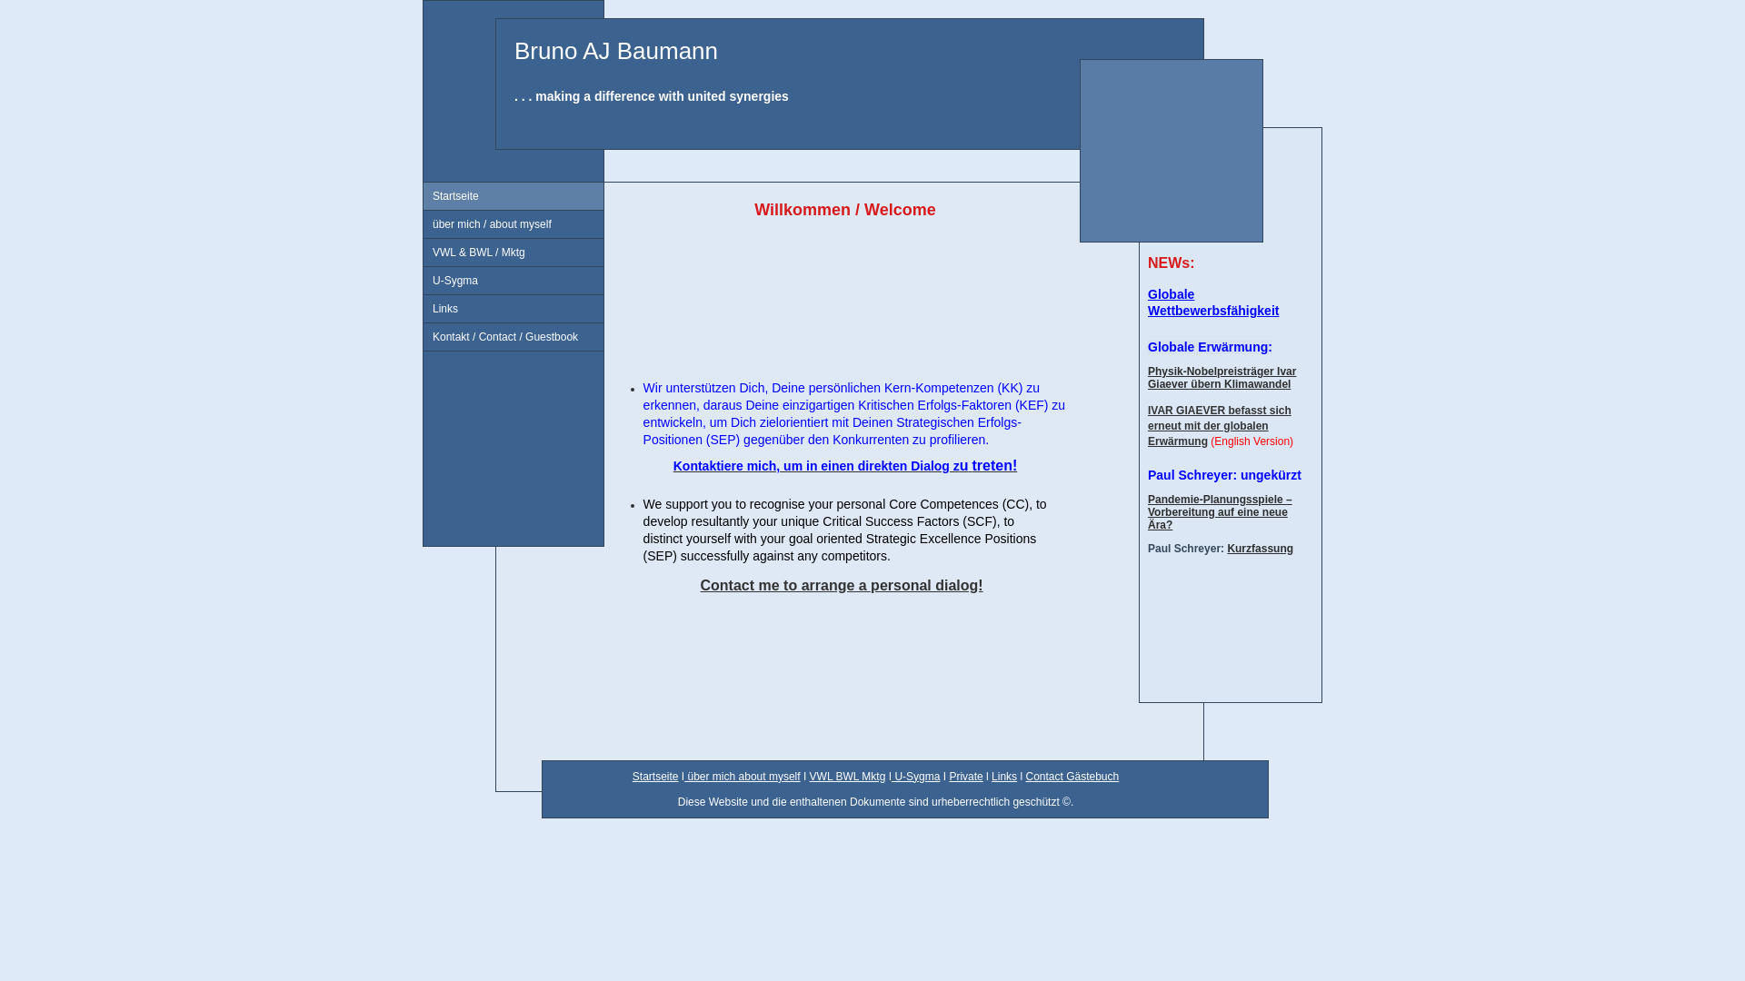  I want to click on 'U-Sygma', so click(891, 777).